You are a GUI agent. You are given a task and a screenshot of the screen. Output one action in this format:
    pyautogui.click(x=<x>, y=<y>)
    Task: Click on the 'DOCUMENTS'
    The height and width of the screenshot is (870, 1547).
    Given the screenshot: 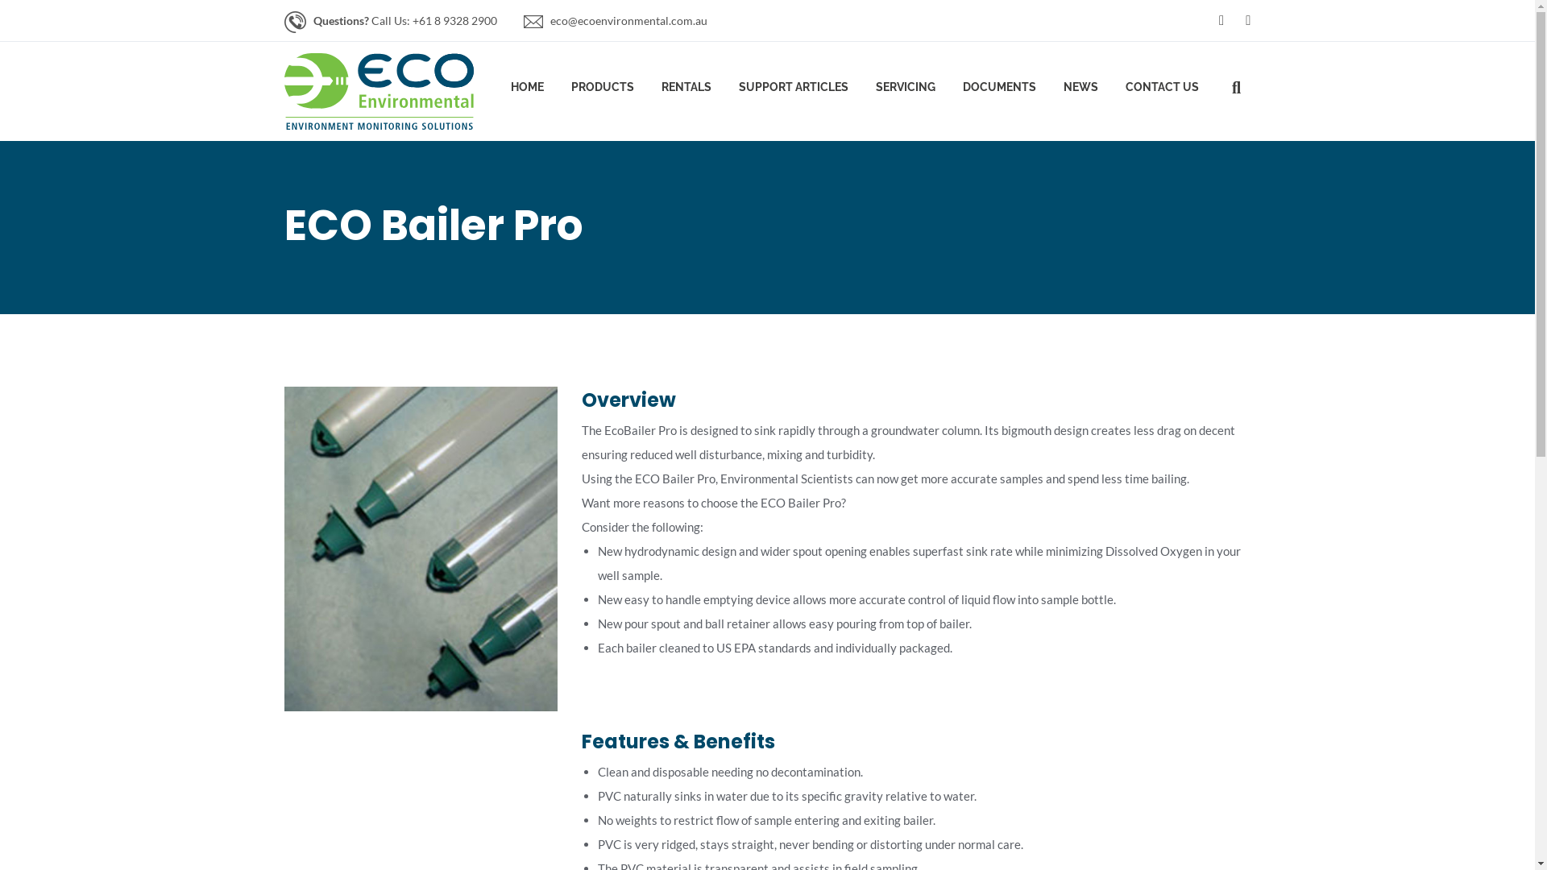 What is the action you would take?
    pyautogui.click(x=997, y=91)
    